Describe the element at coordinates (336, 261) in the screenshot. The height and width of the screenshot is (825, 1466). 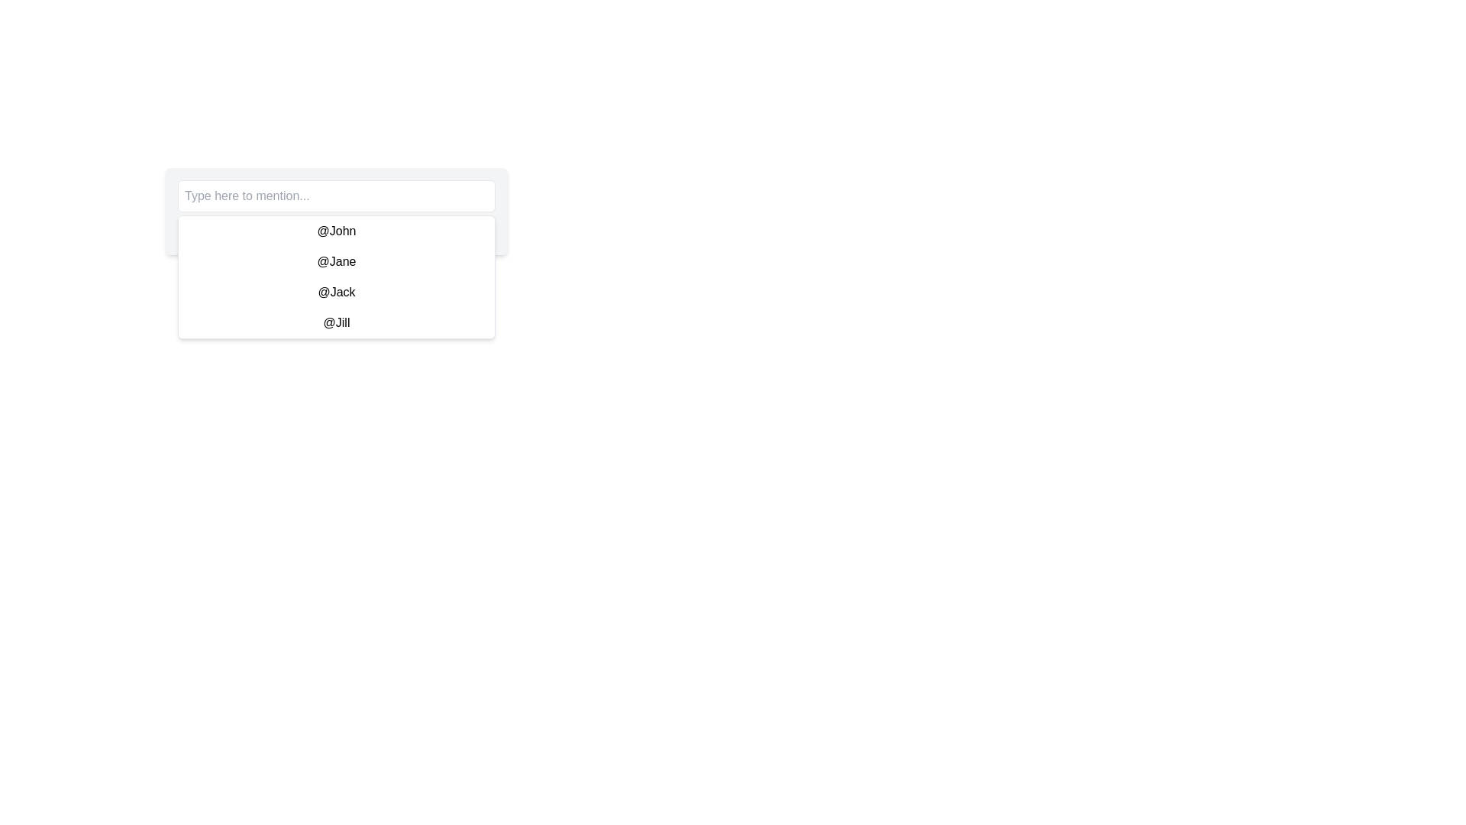
I see `the second mention option in the dropdown list, which is positioned below '@John' and above '@Jack'` at that location.